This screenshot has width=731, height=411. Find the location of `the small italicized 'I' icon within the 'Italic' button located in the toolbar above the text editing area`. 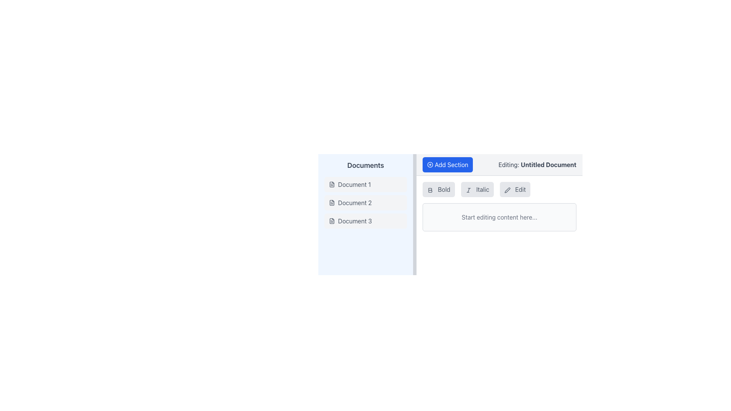

the small italicized 'I' icon within the 'Italic' button located in the toolbar above the text editing area is located at coordinates (468, 190).